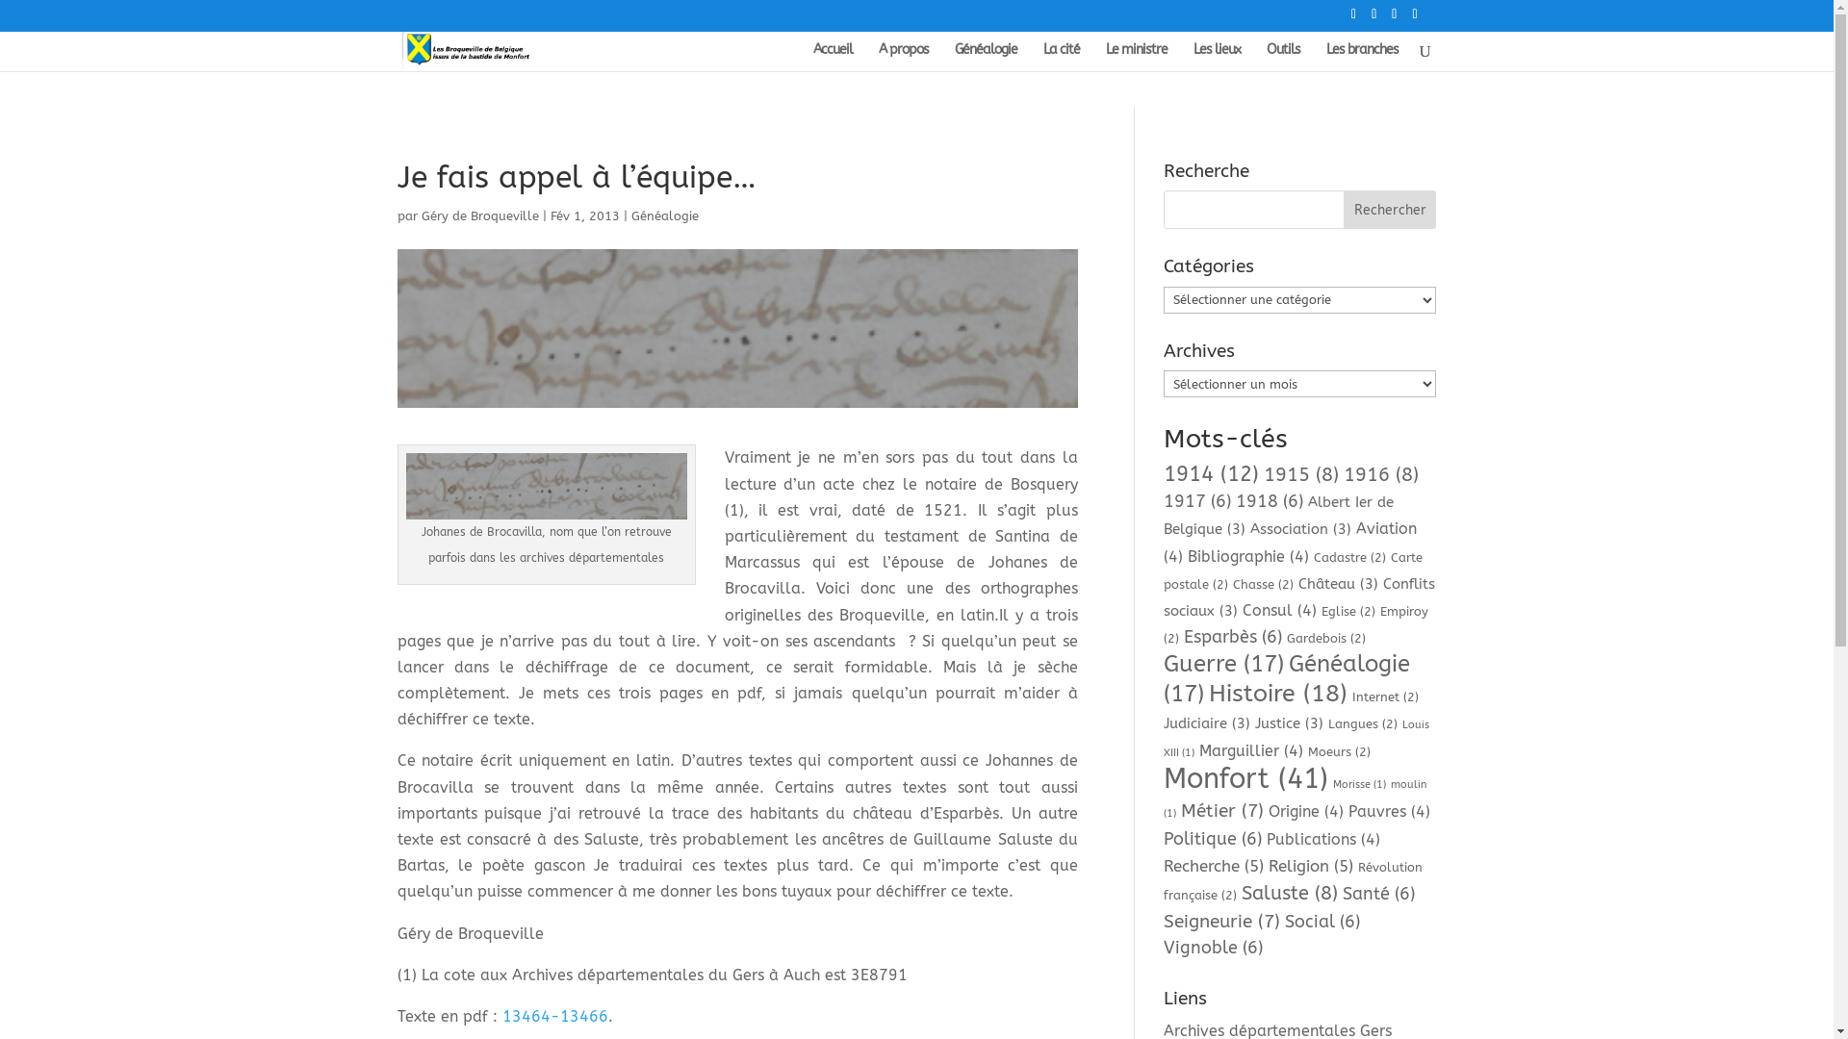  I want to click on 'Religion (5)', so click(1269, 866).